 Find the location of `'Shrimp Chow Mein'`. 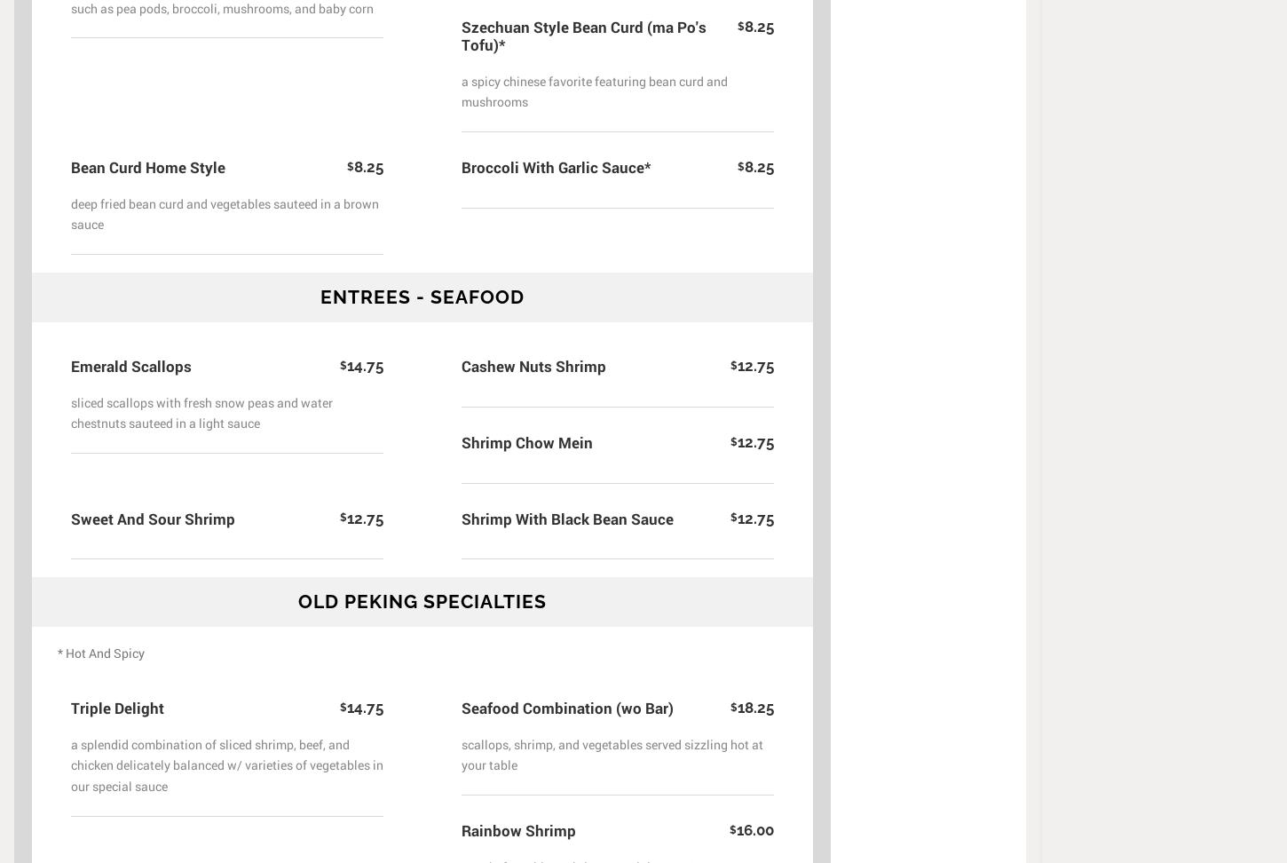

'Shrimp Chow Mein' is located at coordinates (527, 441).